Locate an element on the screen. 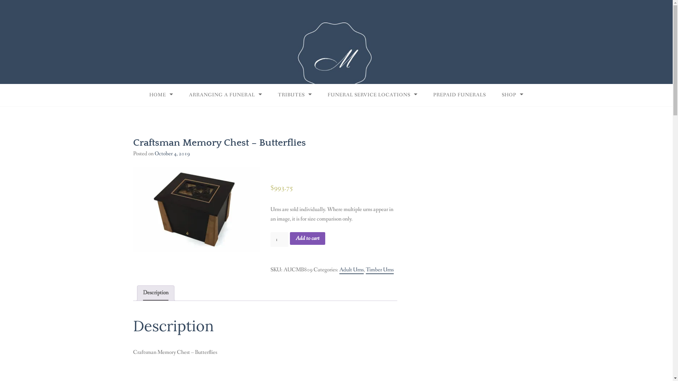 The height and width of the screenshot is (381, 678). 'Add to cart' is located at coordinates (307, 238).